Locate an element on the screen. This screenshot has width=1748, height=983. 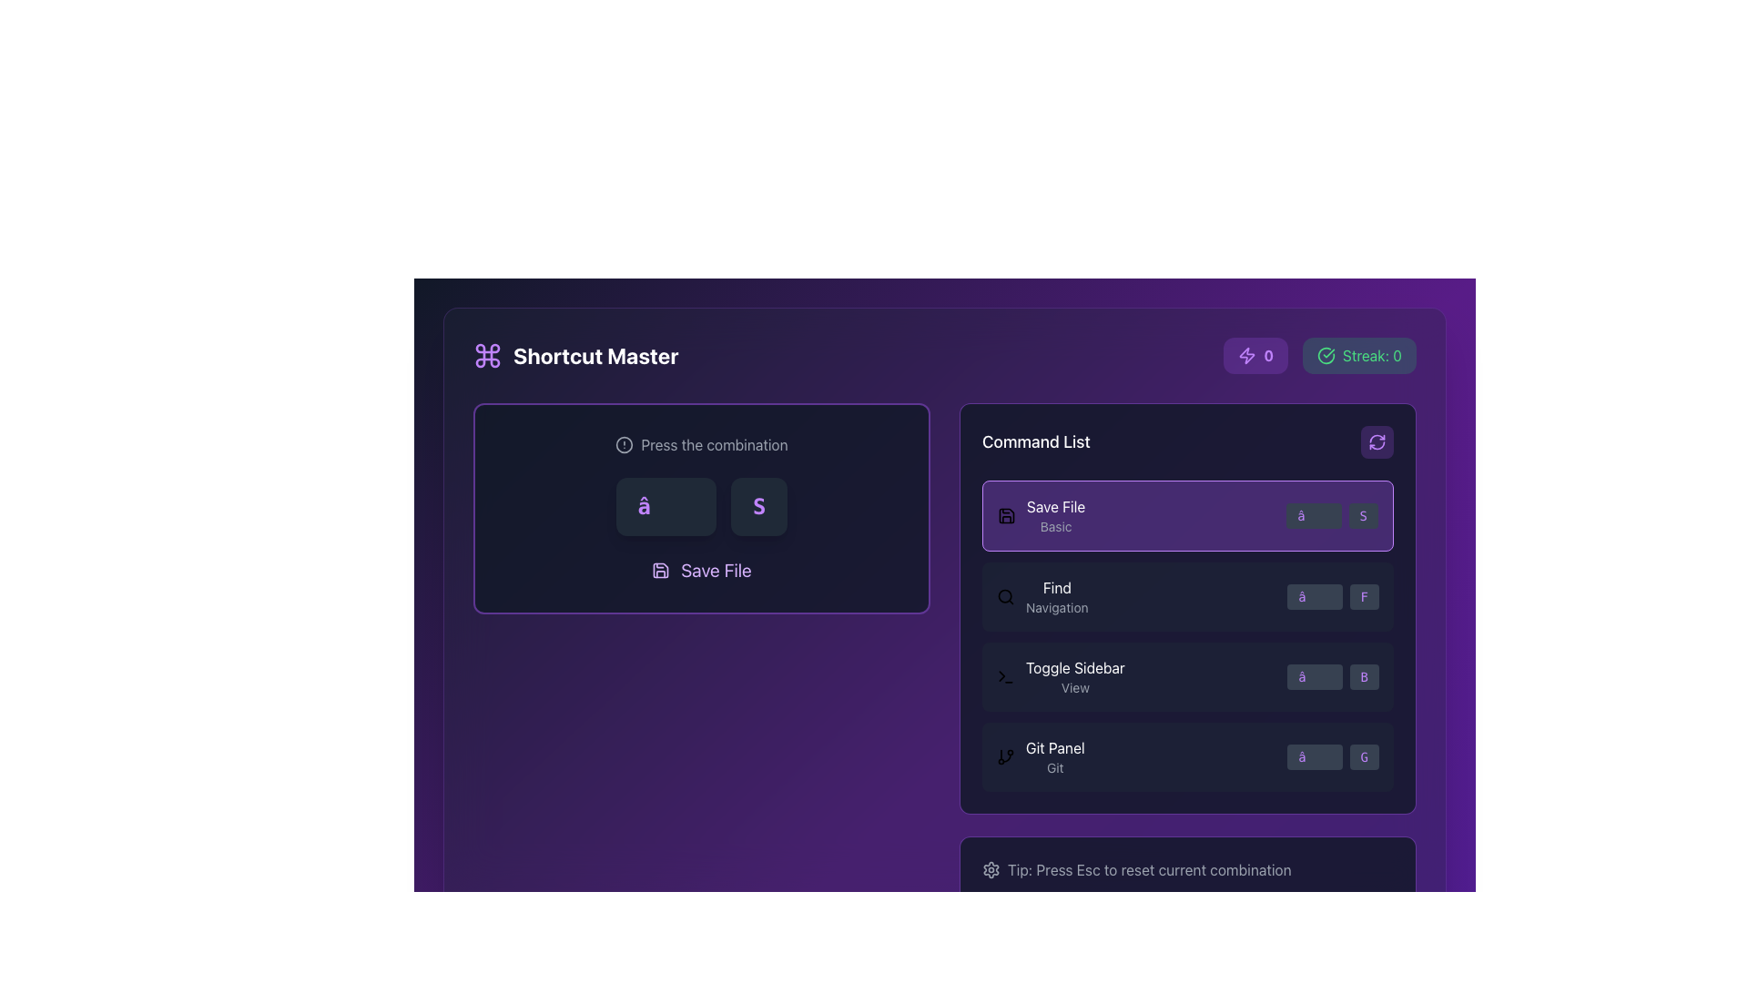
the 'Git Panel' command shortcut listed is located at coordinates (1188, 757).